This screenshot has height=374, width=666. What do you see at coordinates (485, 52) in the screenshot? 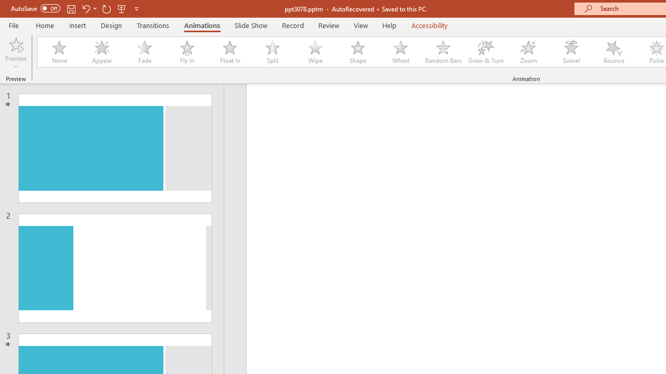
I see `'Grow & Turn'` at bounding box center [485, 52].